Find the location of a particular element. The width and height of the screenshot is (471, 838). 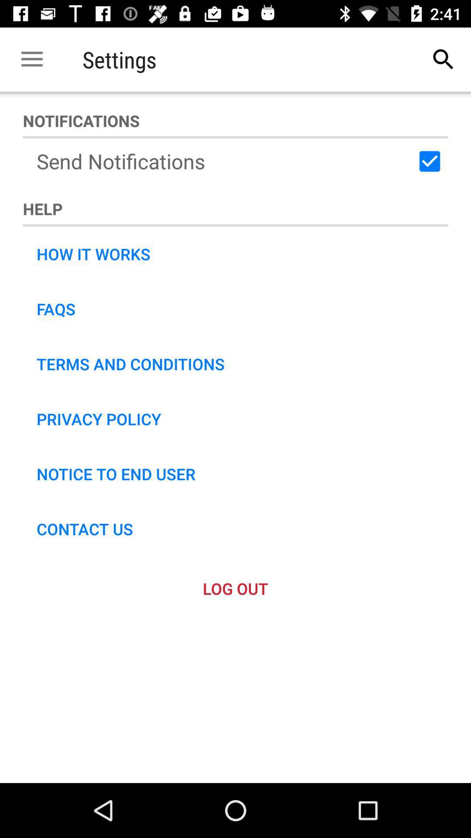

the faqs item is located at coordinates (56, 309).